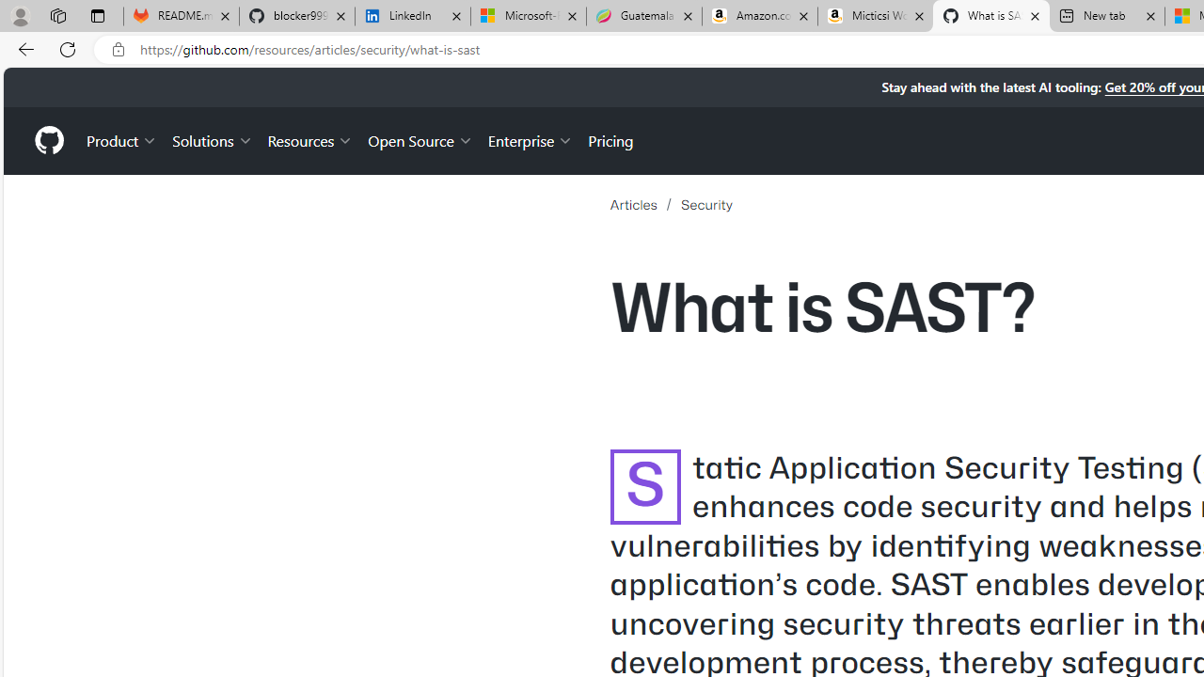 Image resolution: width=1204 pixels, height=677 pixels. What do you see at coordinates (645, 204) in the screenshot?
I see `'Articles'` at bounding box center [645, 204].